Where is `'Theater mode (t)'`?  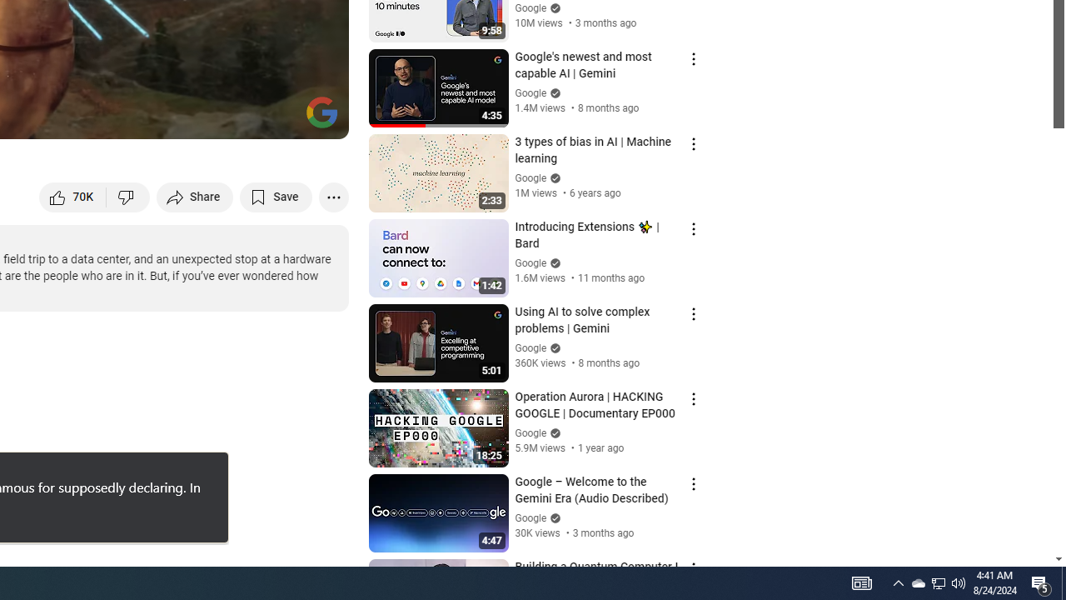
'Theater mode (t)' is located at coordinates (278, 117).